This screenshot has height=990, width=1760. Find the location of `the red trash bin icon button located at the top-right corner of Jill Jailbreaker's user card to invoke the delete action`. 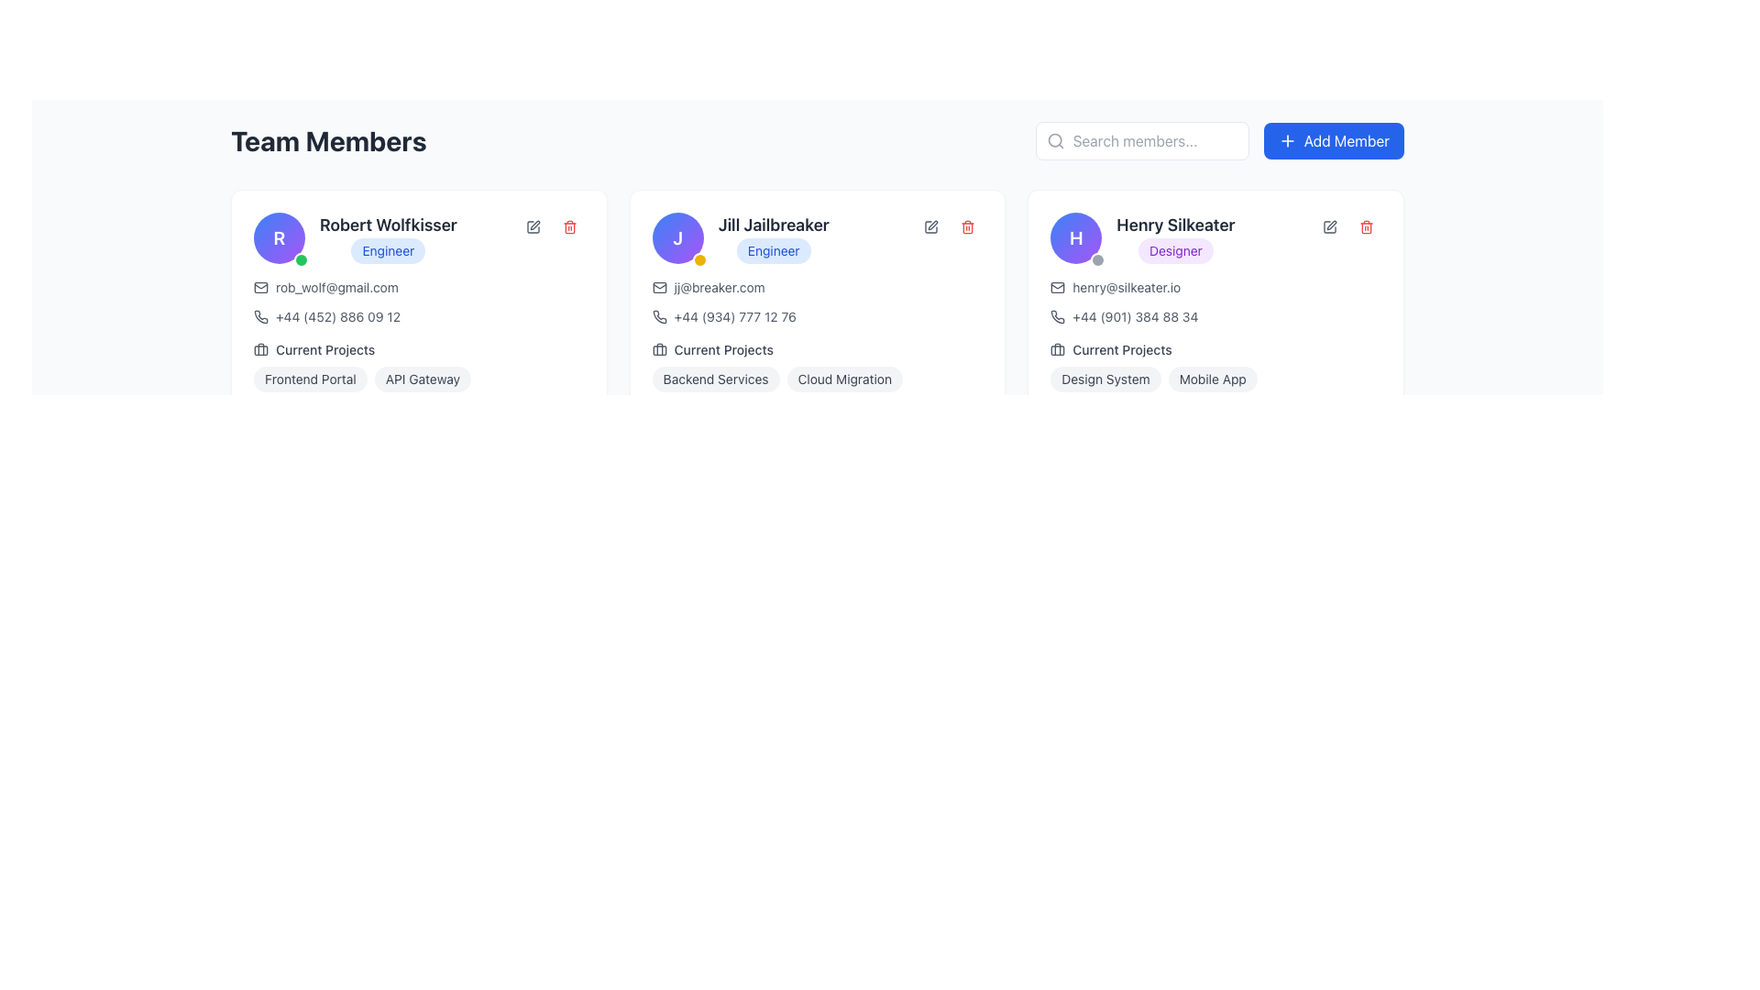

the red trash bin icon button located at the top-right corner of Jill Jailbreaker's user card to invoke the delete action is located at coordinates (967, 225).